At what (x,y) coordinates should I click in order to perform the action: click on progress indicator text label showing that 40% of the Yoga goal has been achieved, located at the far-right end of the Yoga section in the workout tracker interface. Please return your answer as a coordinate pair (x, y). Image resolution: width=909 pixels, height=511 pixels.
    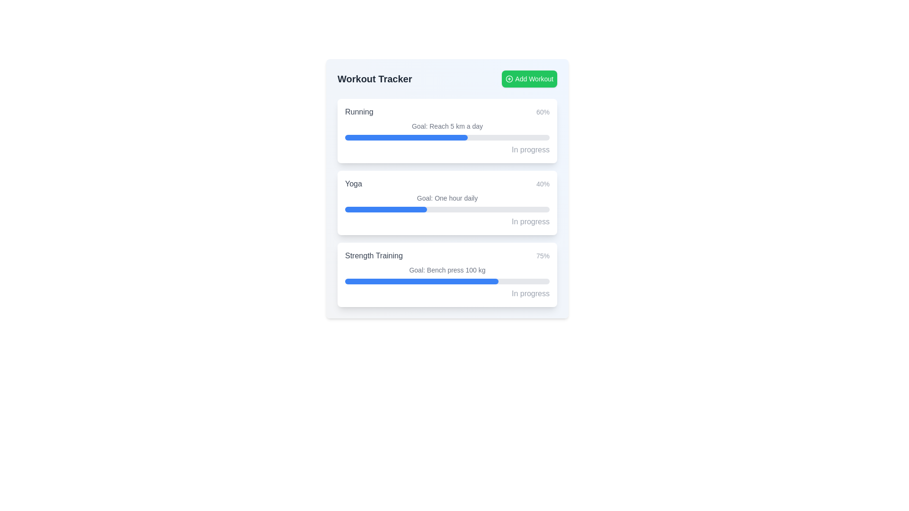
    Looking at the image, I should click on (543, 184).